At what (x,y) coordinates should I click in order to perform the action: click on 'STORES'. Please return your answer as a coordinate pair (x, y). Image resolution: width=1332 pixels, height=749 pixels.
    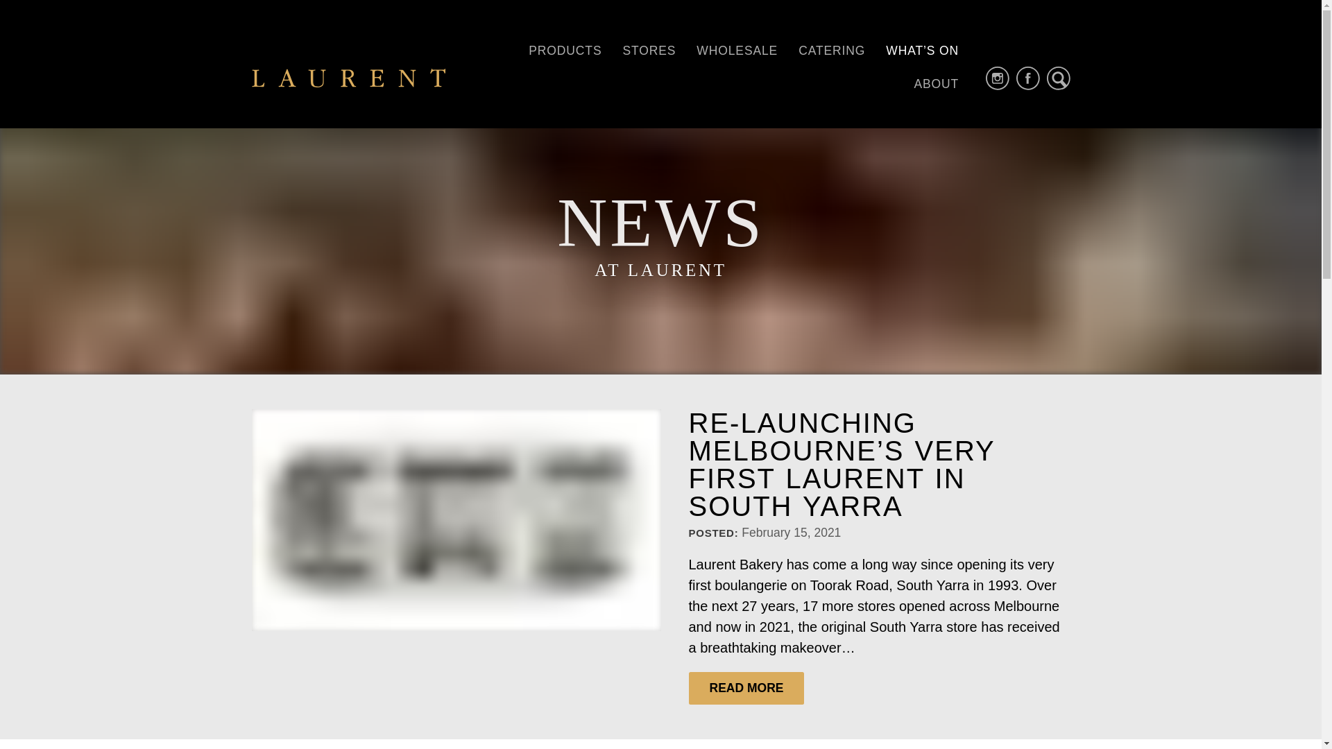
    Looking at the image, I should click on (611, 50).